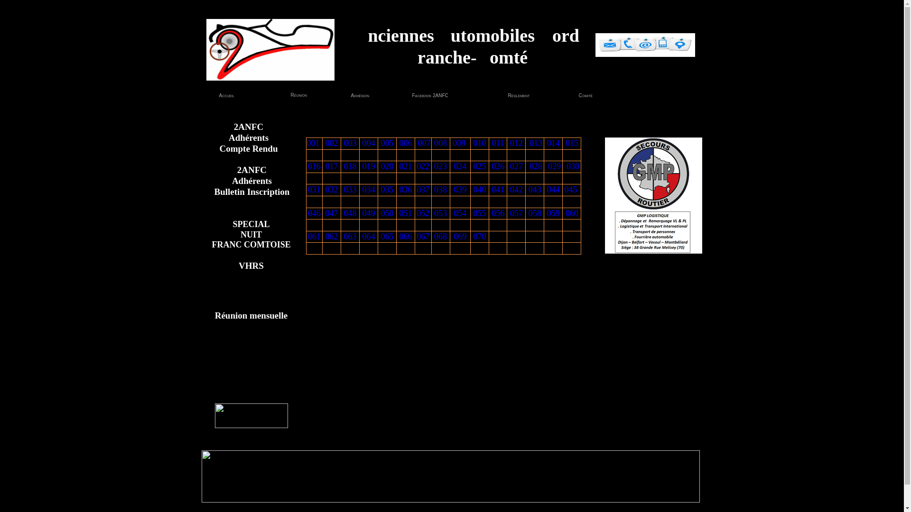 The image size is (911, 512). What do you see at coordinates (368, 166) in the screenshot?
I see `'019'` at bounding box center [368, 166].